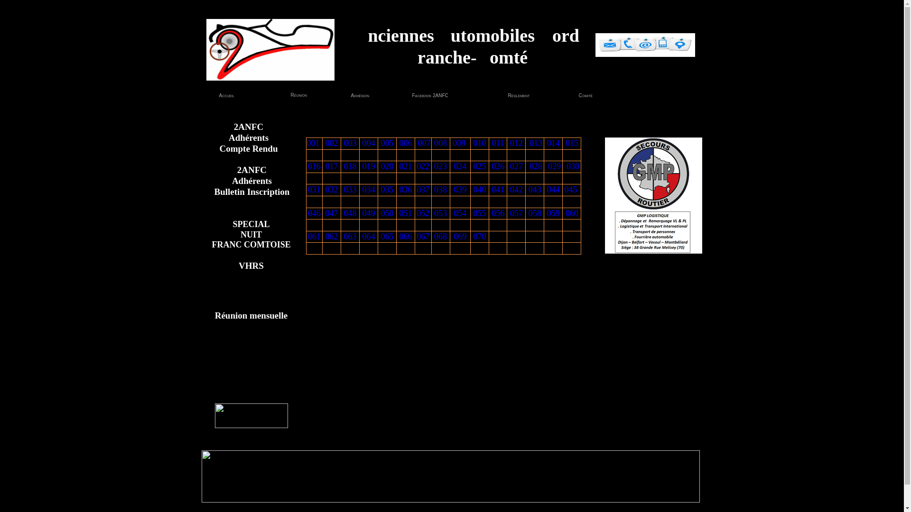 The image size is (911, 512). What do you see at coordinates (368, 166) in the screenshot?
I see `'019'` at bounding box center [368, 166].